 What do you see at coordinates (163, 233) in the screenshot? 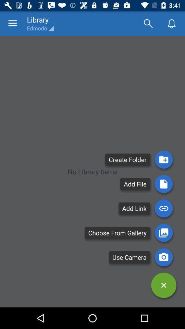
I see `picture` at bounding box center [163, 233].